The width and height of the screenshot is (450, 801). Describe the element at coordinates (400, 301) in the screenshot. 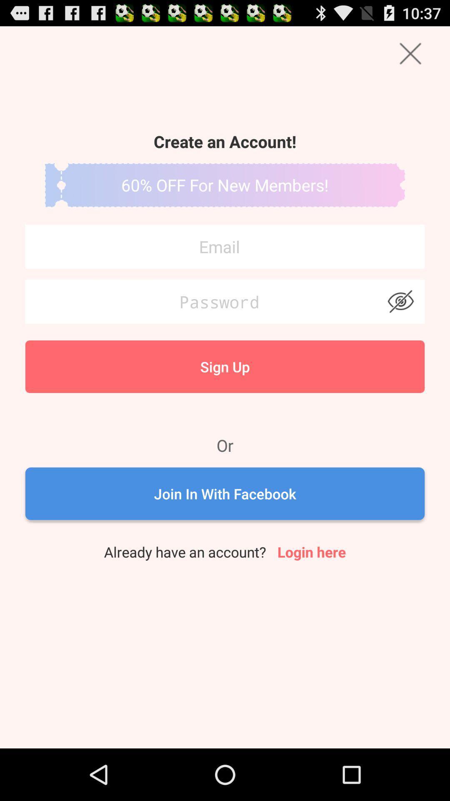

I see `hide/unhide password` at that location.